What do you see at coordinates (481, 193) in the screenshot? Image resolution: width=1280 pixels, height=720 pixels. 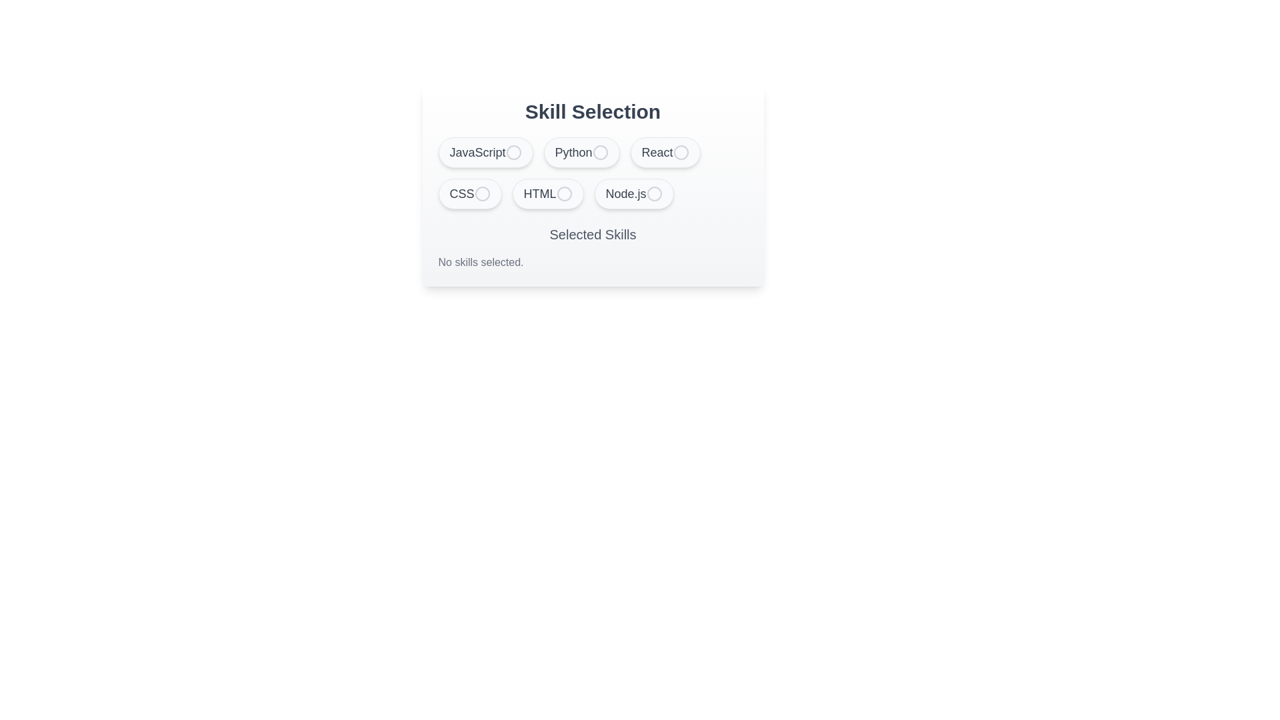 I see `the radio button located to the right of the 'CSS' text` at bounding box center [481, 193].